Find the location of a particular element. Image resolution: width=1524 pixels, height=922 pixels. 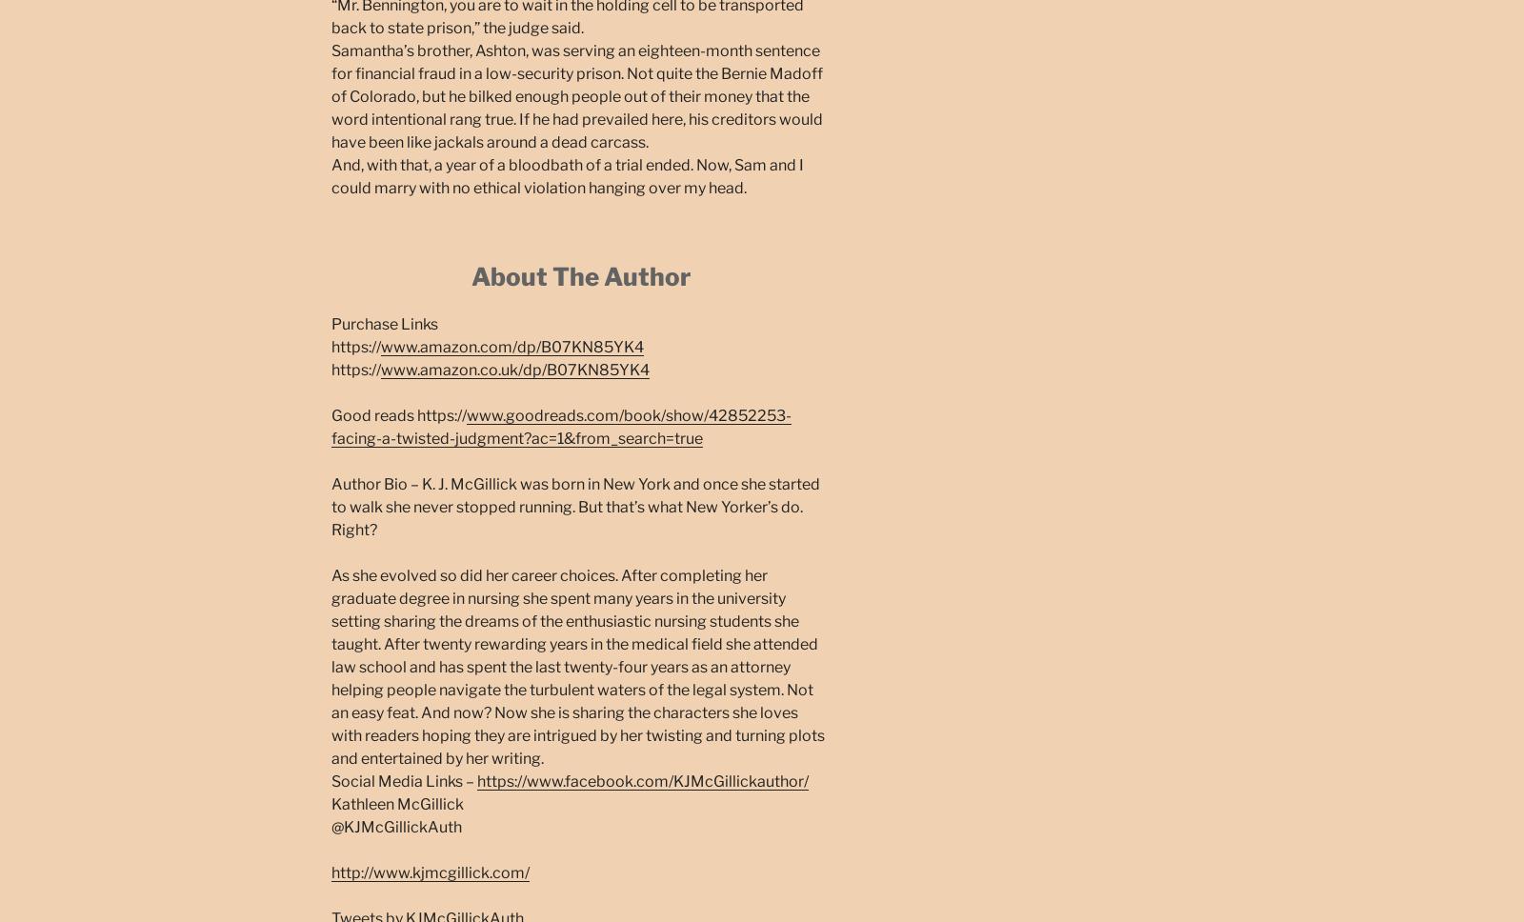

'Good reads https://' is located at coordinates (398, 414).